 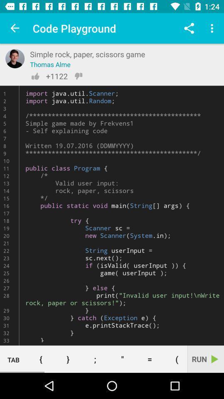 I want to click on the ;, so click(x=95, y=359).